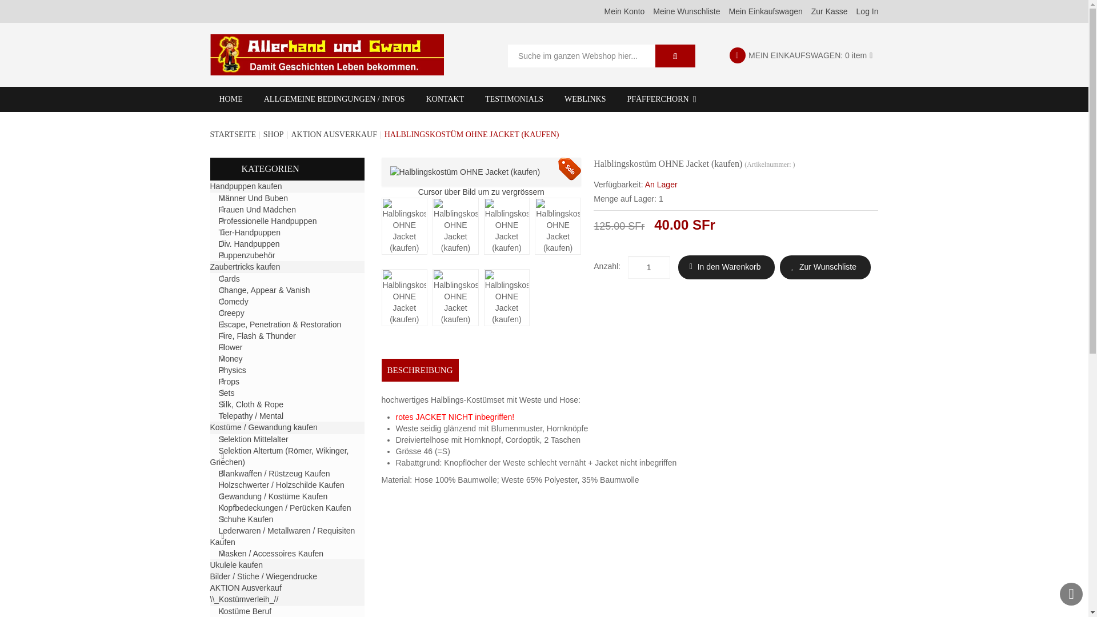 The image size is (1097, 617). Describe the element at coordinates (728, 267) in the screenshot. I see `'In den Warenkorb'` at that location.